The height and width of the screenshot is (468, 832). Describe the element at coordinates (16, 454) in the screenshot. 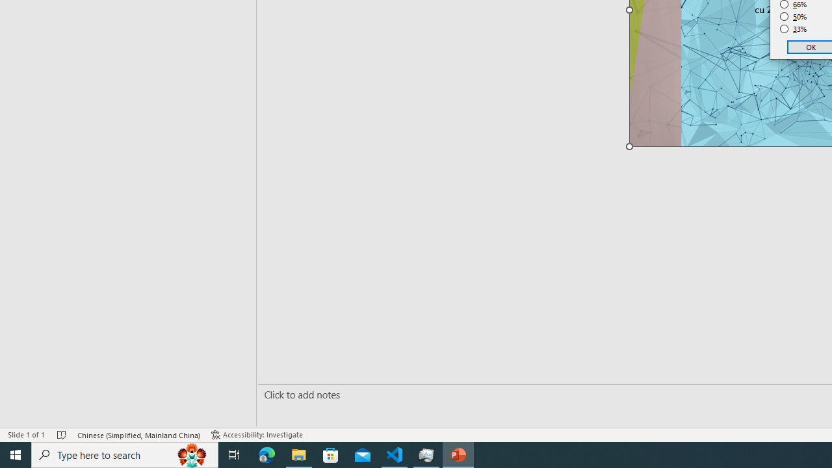

I see `'Start'` at that location.